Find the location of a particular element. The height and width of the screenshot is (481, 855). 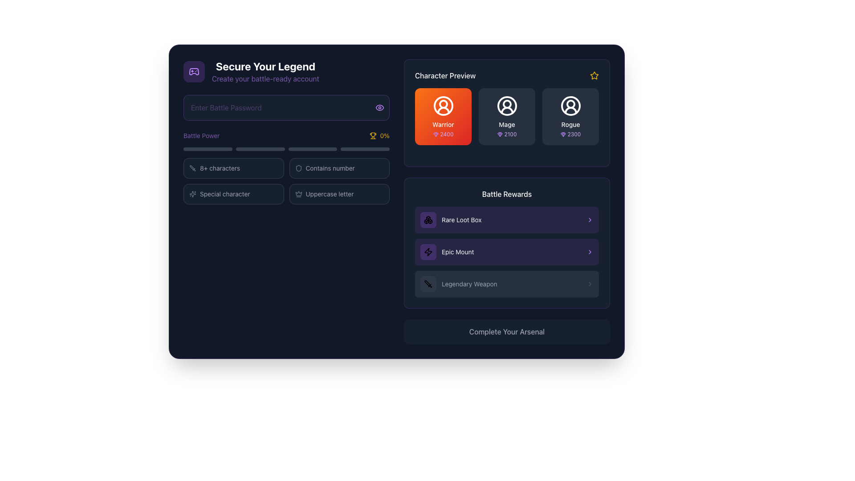

the Progress indicator bar that reflects the 'Battle Power' metric, positioned below the 'Battle Power' label and above the password criteria indicators is located at coordinates (286, 149).